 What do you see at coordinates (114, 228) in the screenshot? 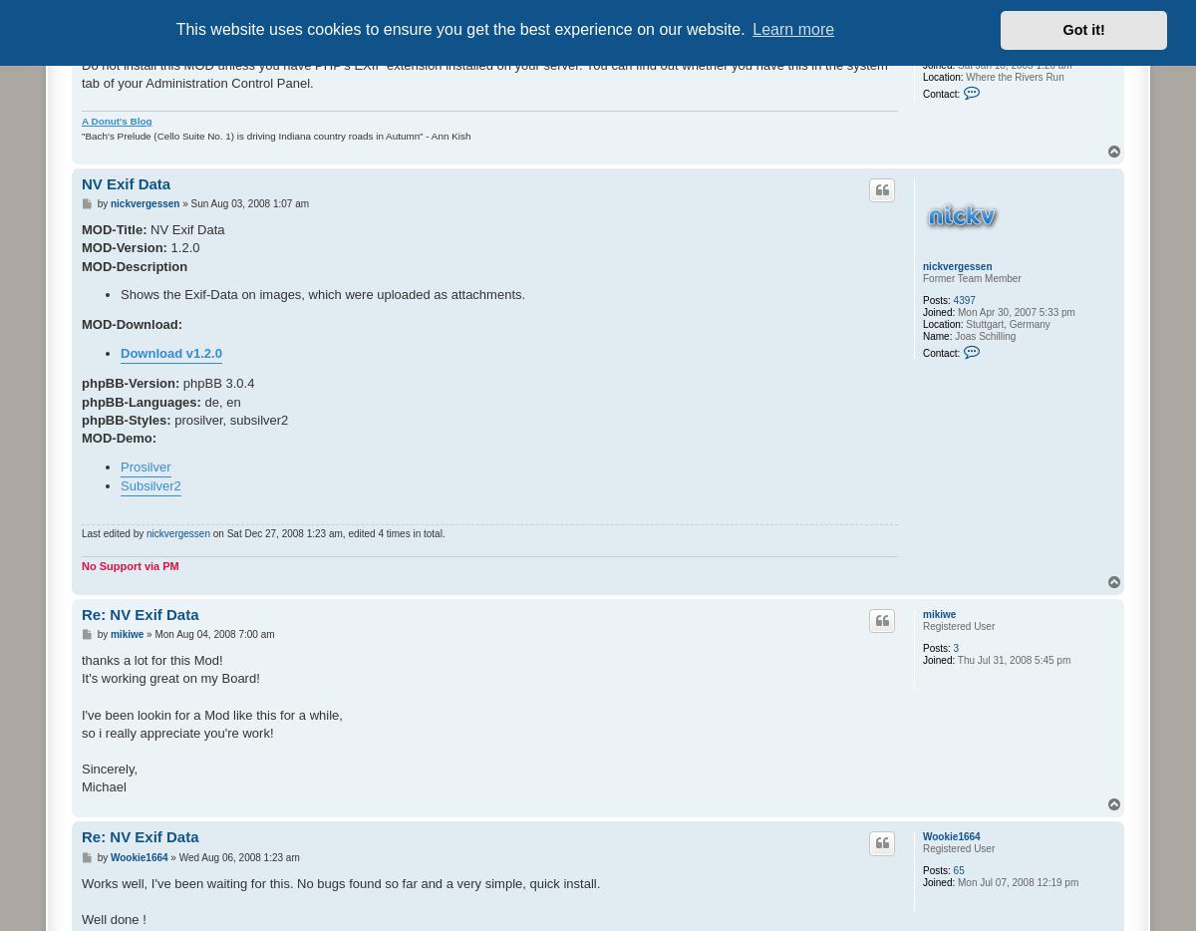
I see `'MOD-Title:'` at bounding box center [114, 228].